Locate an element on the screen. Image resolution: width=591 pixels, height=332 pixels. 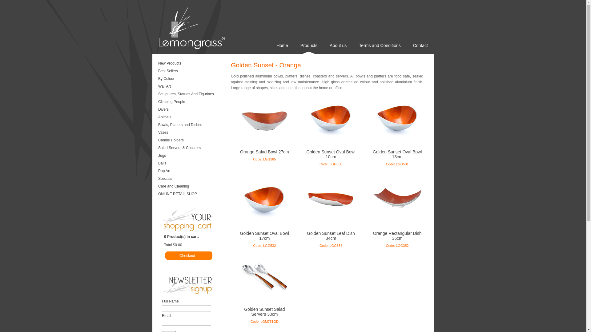
'Candle Holders' is located at coordinates (190, 141).